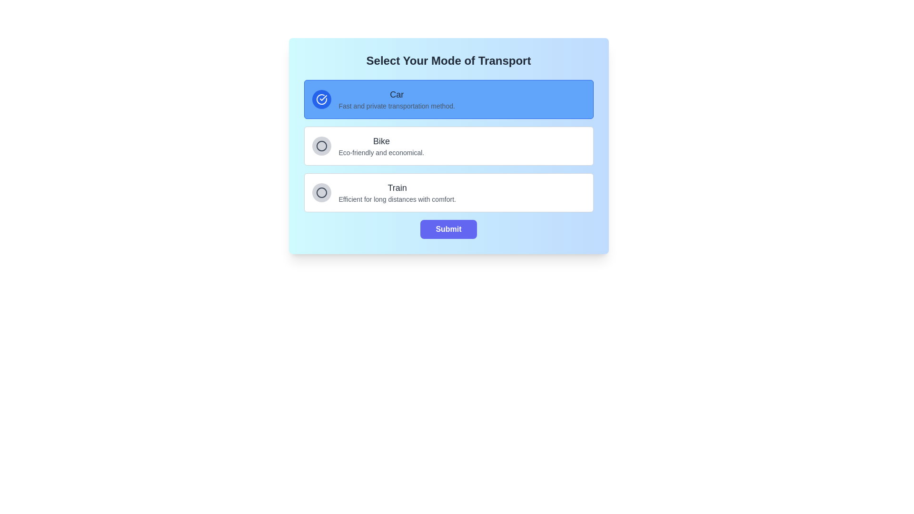 The height and width of the screenshot is (514, 914). Describe the element at coordinates (321, 193) in the screenshot. I see `the radio button` at that location.